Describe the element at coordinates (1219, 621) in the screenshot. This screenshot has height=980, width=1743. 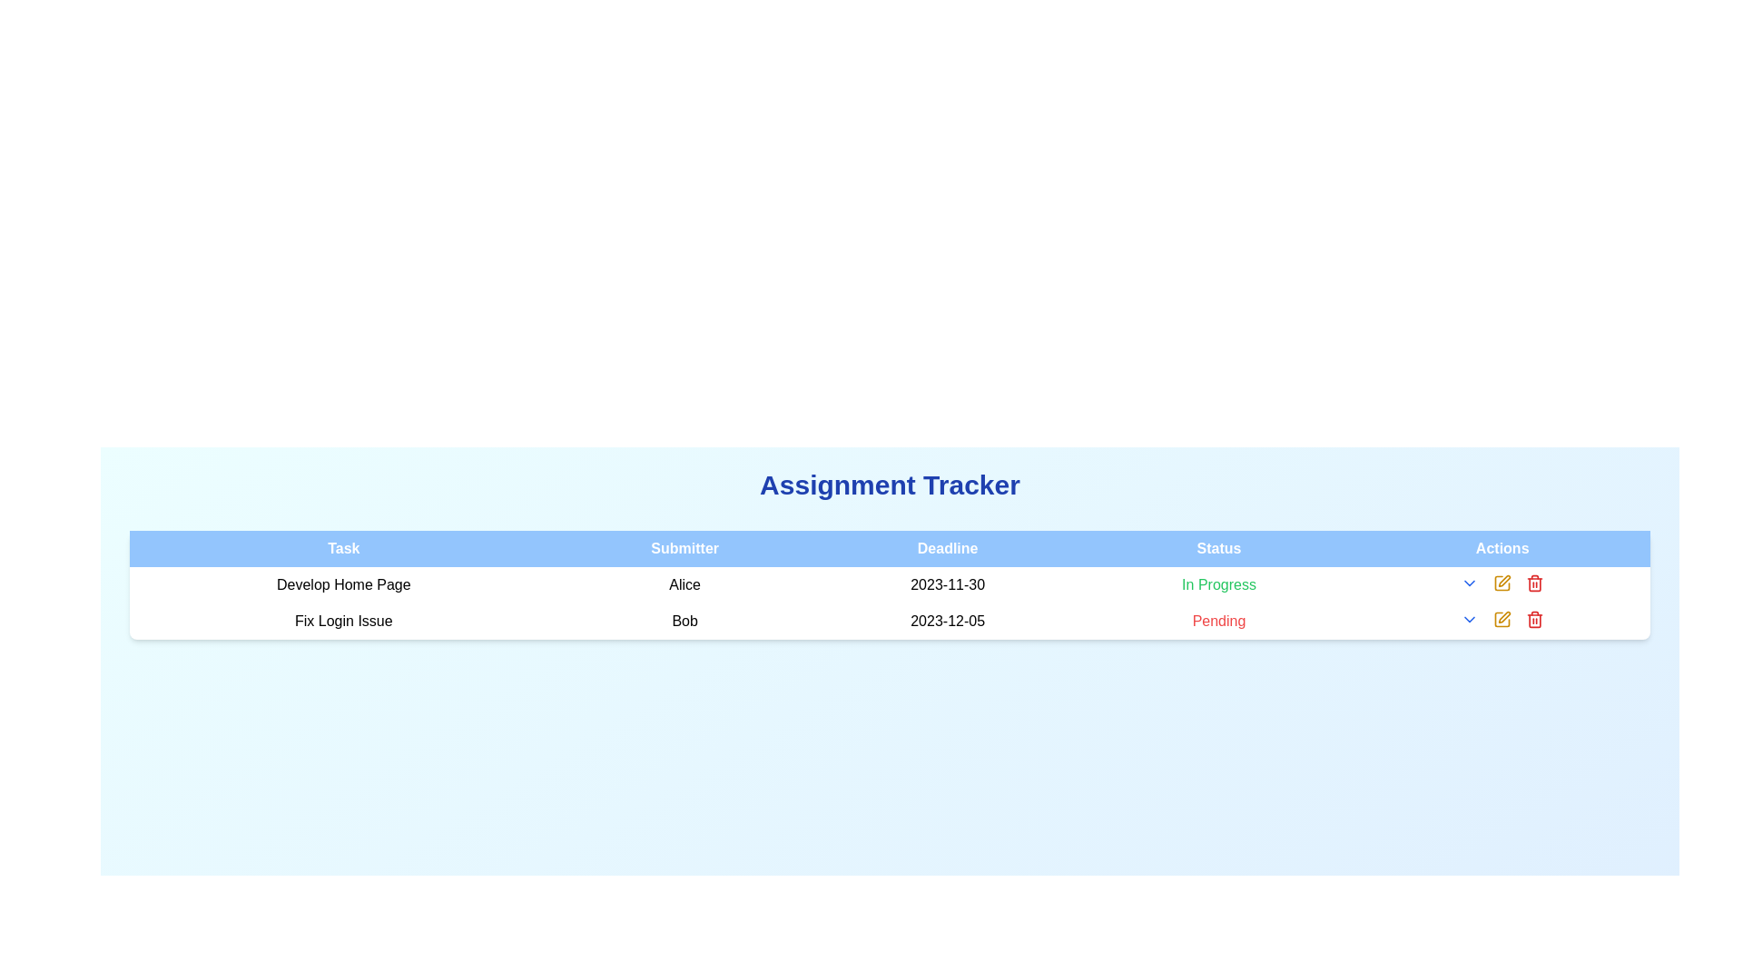
I see `the Text label displaying the current task status in the Status column of the second row, located adjacent to the deadline entry '2023-12-05'` at that location.